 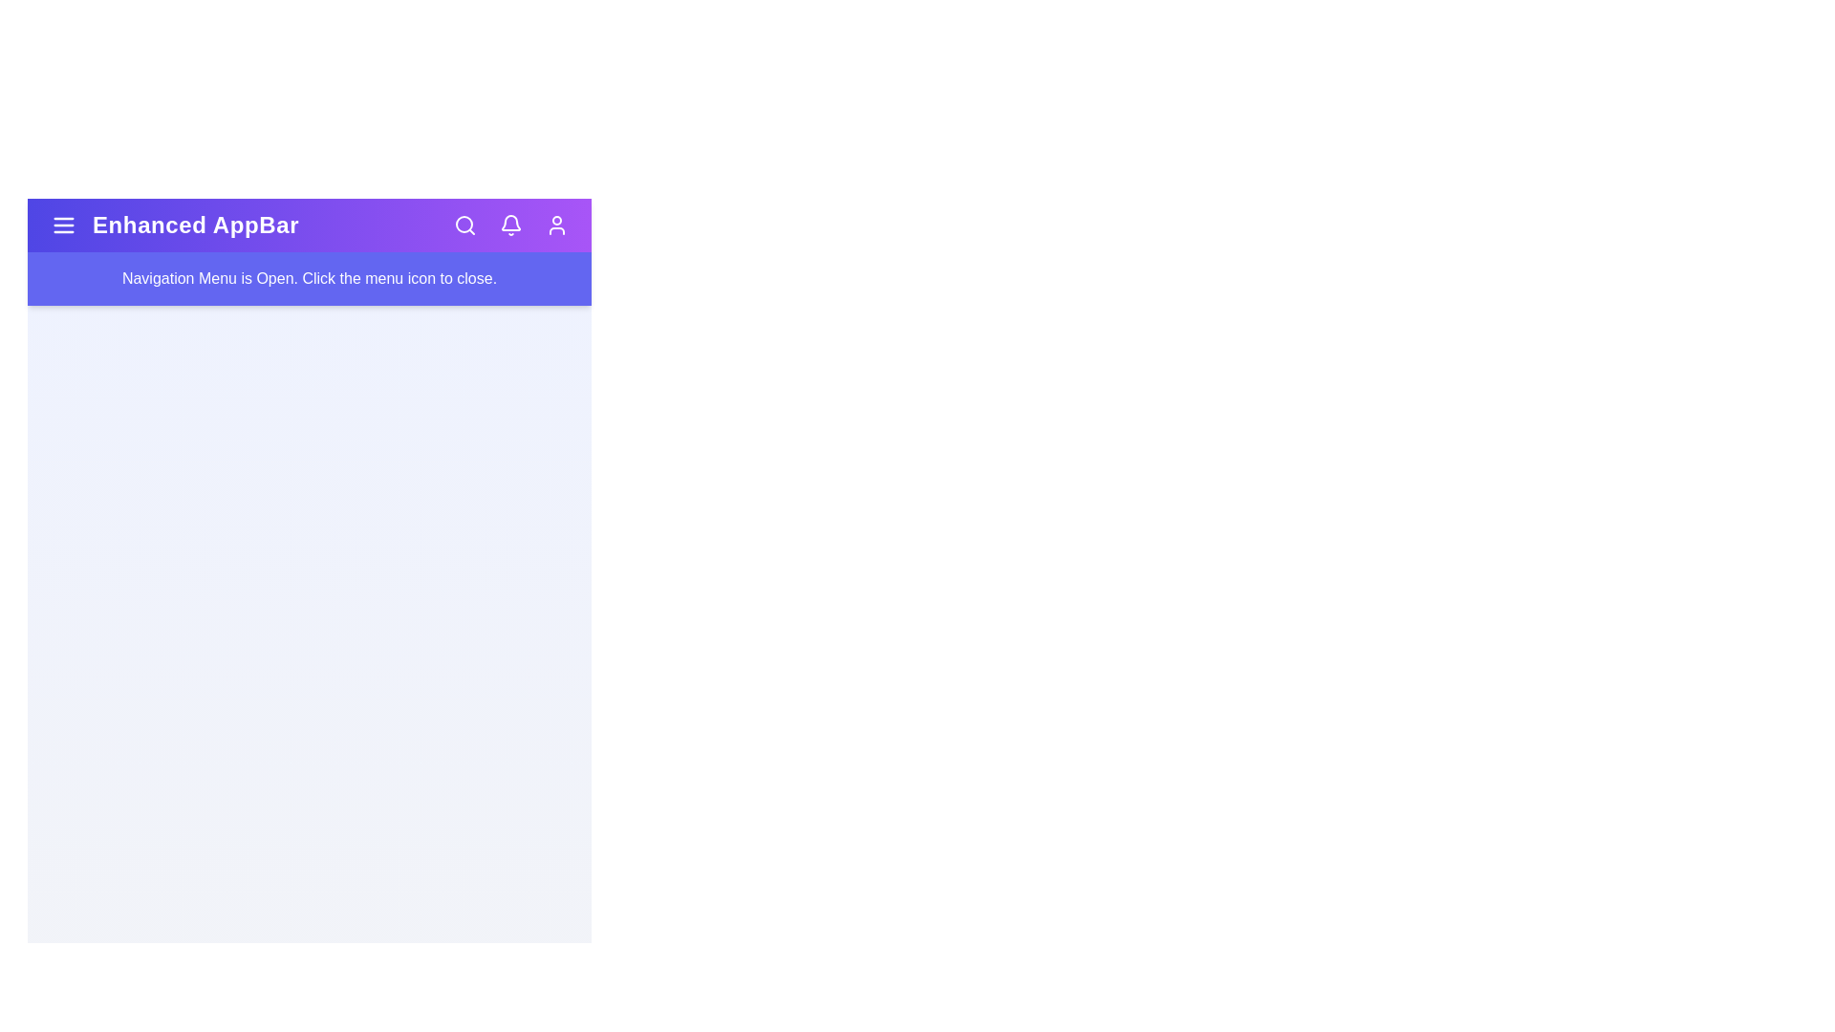 I want to click on the notification icon to view notifications, so click(x=510, y=224).